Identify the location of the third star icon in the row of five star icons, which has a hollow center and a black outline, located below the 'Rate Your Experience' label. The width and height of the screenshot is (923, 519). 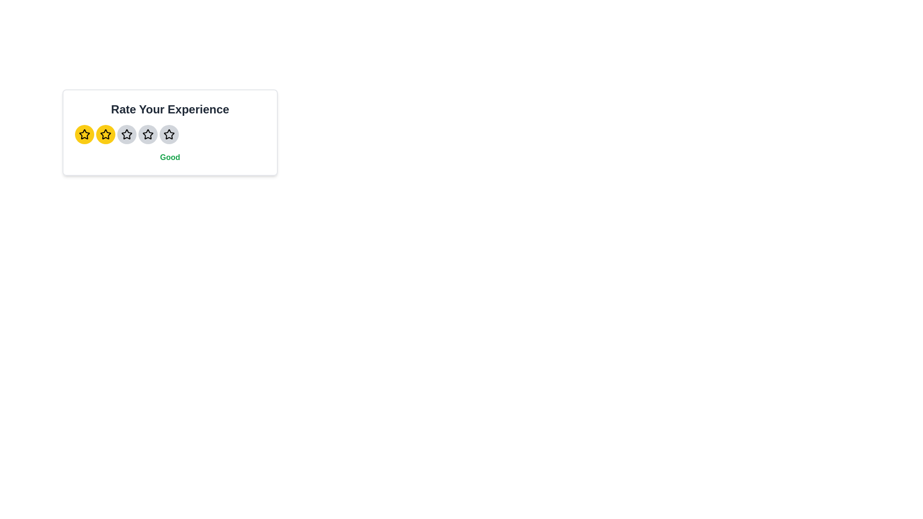
(147, 134).